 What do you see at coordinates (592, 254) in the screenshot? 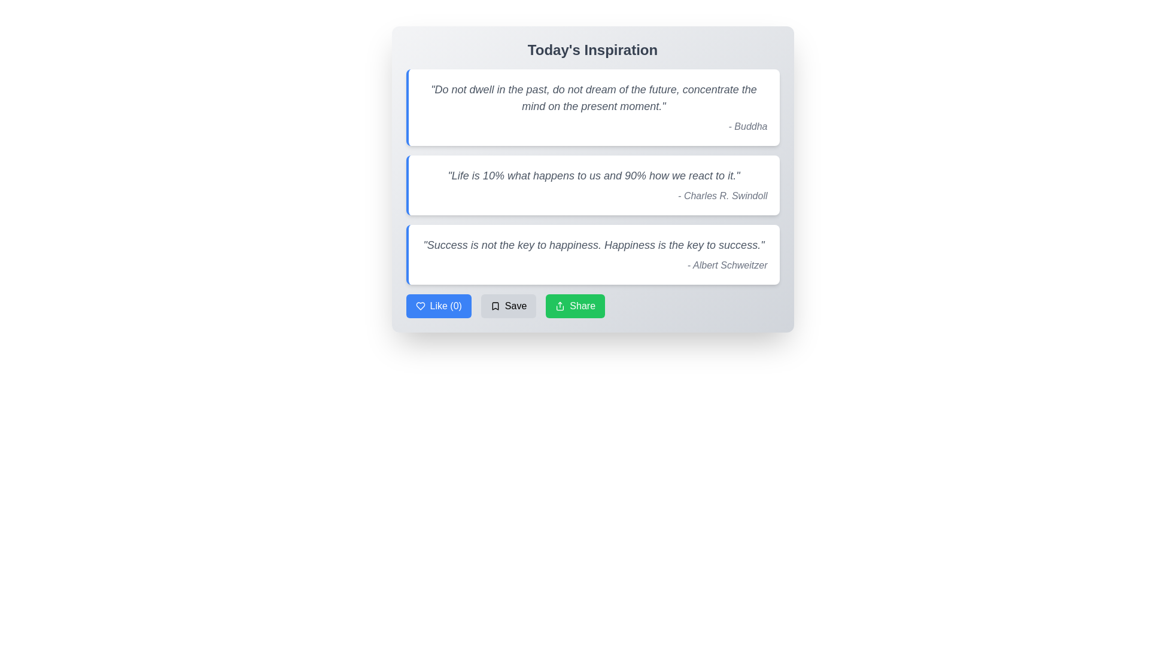
I see `the third quote box in the 'Today's Inspiration' section, which has a white background, rounded corners, and a blue left border` at bounding box center [592, 254].